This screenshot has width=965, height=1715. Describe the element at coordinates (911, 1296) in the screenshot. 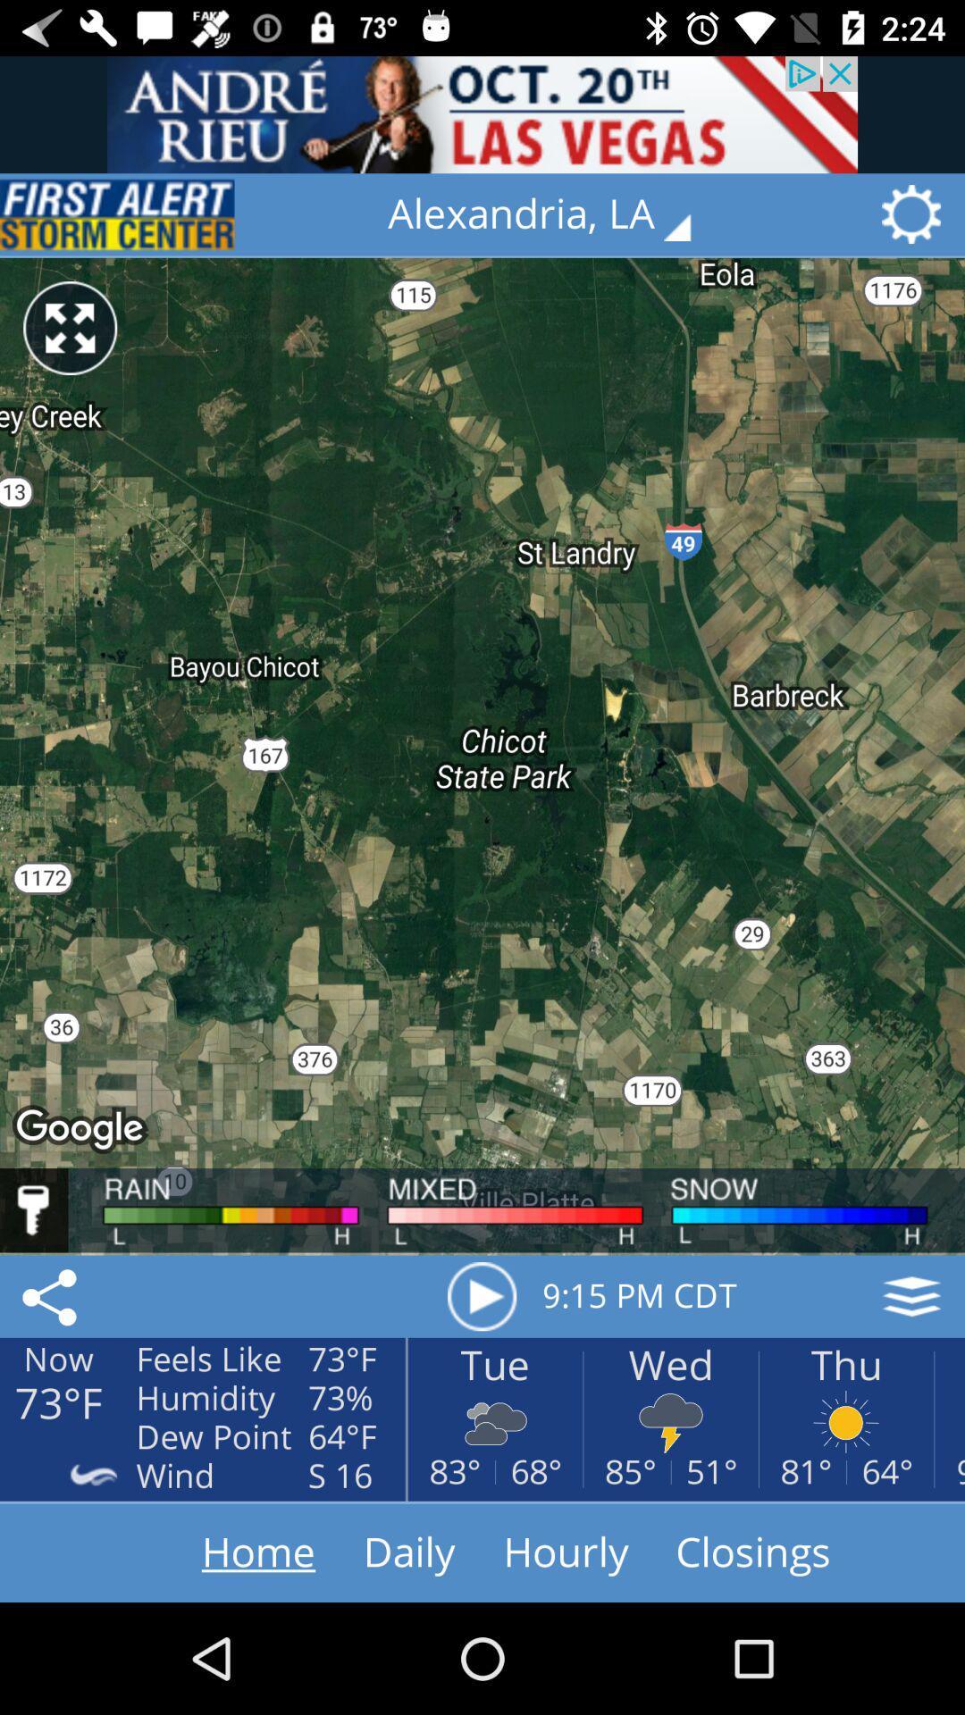

I see `the layers icon` at that location.